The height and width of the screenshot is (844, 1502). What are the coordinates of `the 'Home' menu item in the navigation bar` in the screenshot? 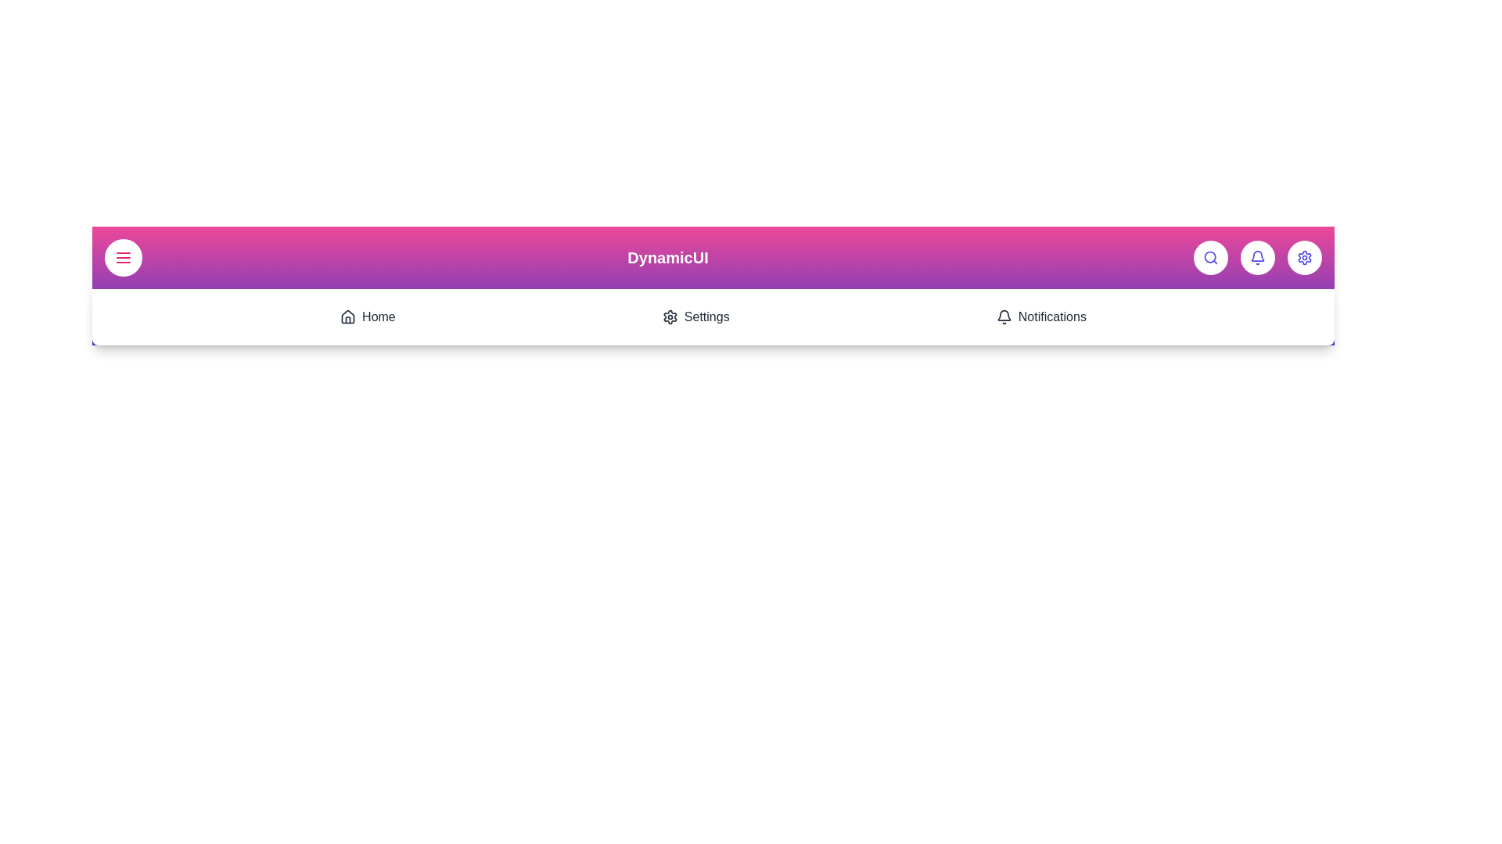 It's located at (367, 316).